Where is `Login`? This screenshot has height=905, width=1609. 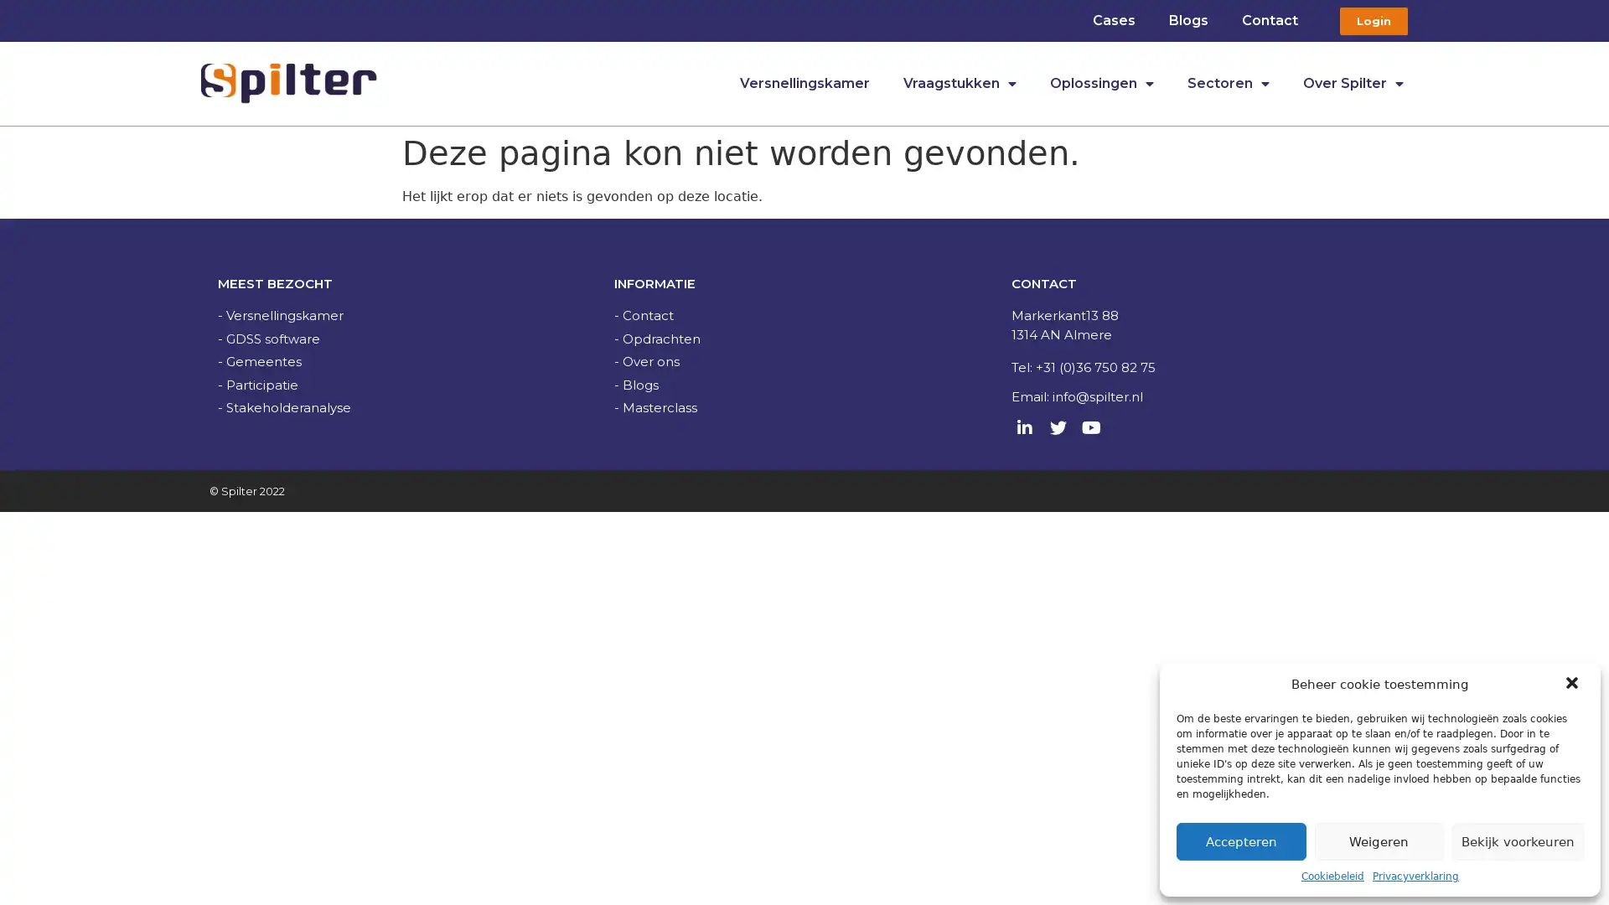
Login is located at coordinates (1374, 20).